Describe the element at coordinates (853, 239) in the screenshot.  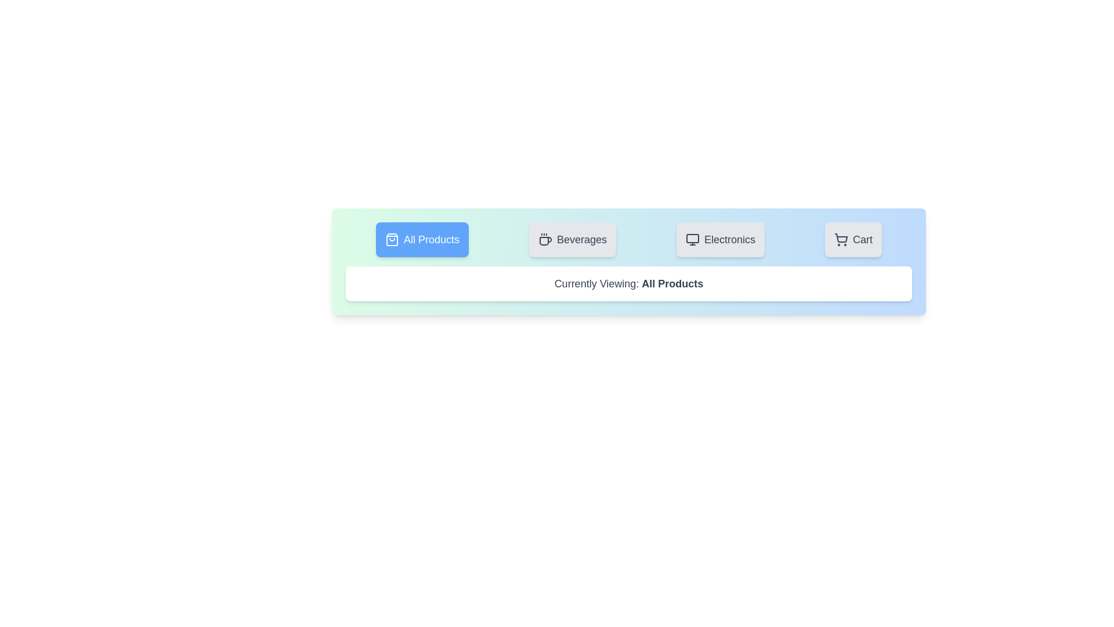
I see `the tab corresponding to Cart to switch to that product category` at that location.